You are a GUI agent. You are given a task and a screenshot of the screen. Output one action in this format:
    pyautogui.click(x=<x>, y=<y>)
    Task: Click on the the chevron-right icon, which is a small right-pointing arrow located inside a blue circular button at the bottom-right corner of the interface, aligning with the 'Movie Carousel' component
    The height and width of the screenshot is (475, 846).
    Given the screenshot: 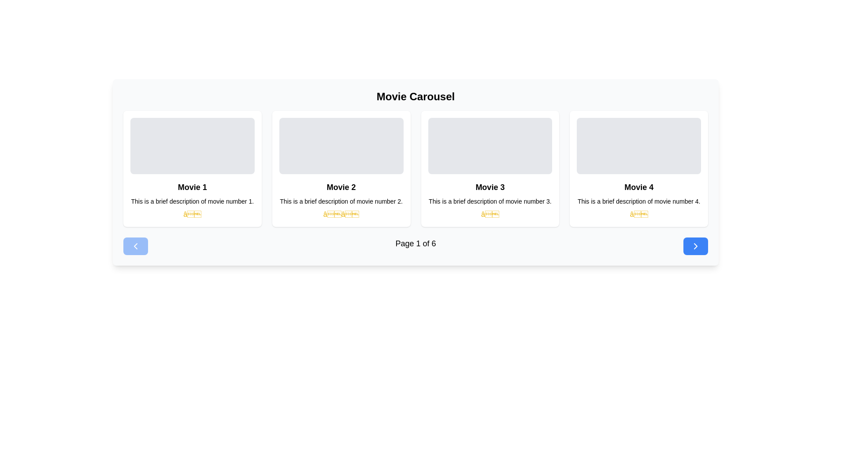 What is the action you would take?
    pyautogui.click(x=695, y=246)
    